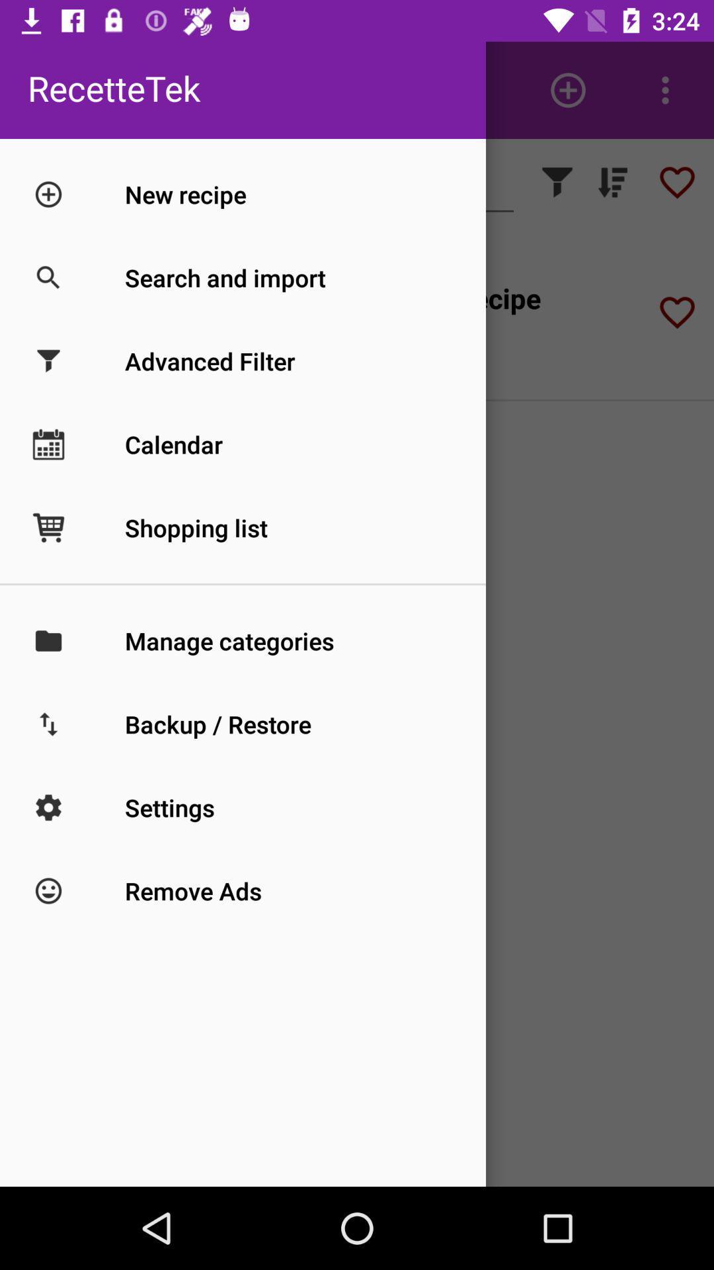 Image resolution: width=714 pixels, height=1270 pixels. What do you see at coordinates (612, 181) in the screenshot?
I see `the filter_list icon` at bounding box center [612, 181].